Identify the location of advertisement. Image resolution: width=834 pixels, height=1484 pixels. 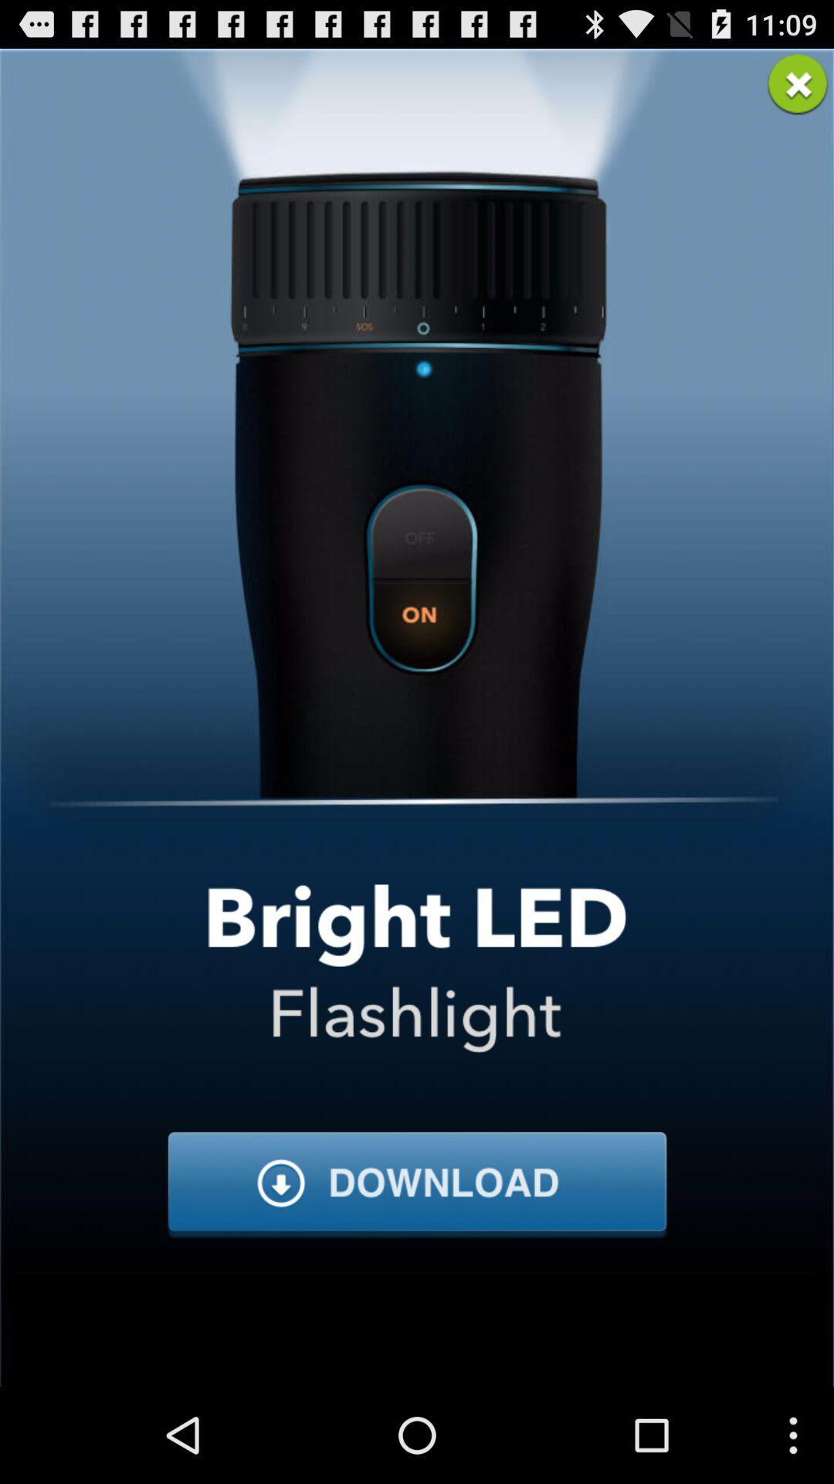
(798, 83).